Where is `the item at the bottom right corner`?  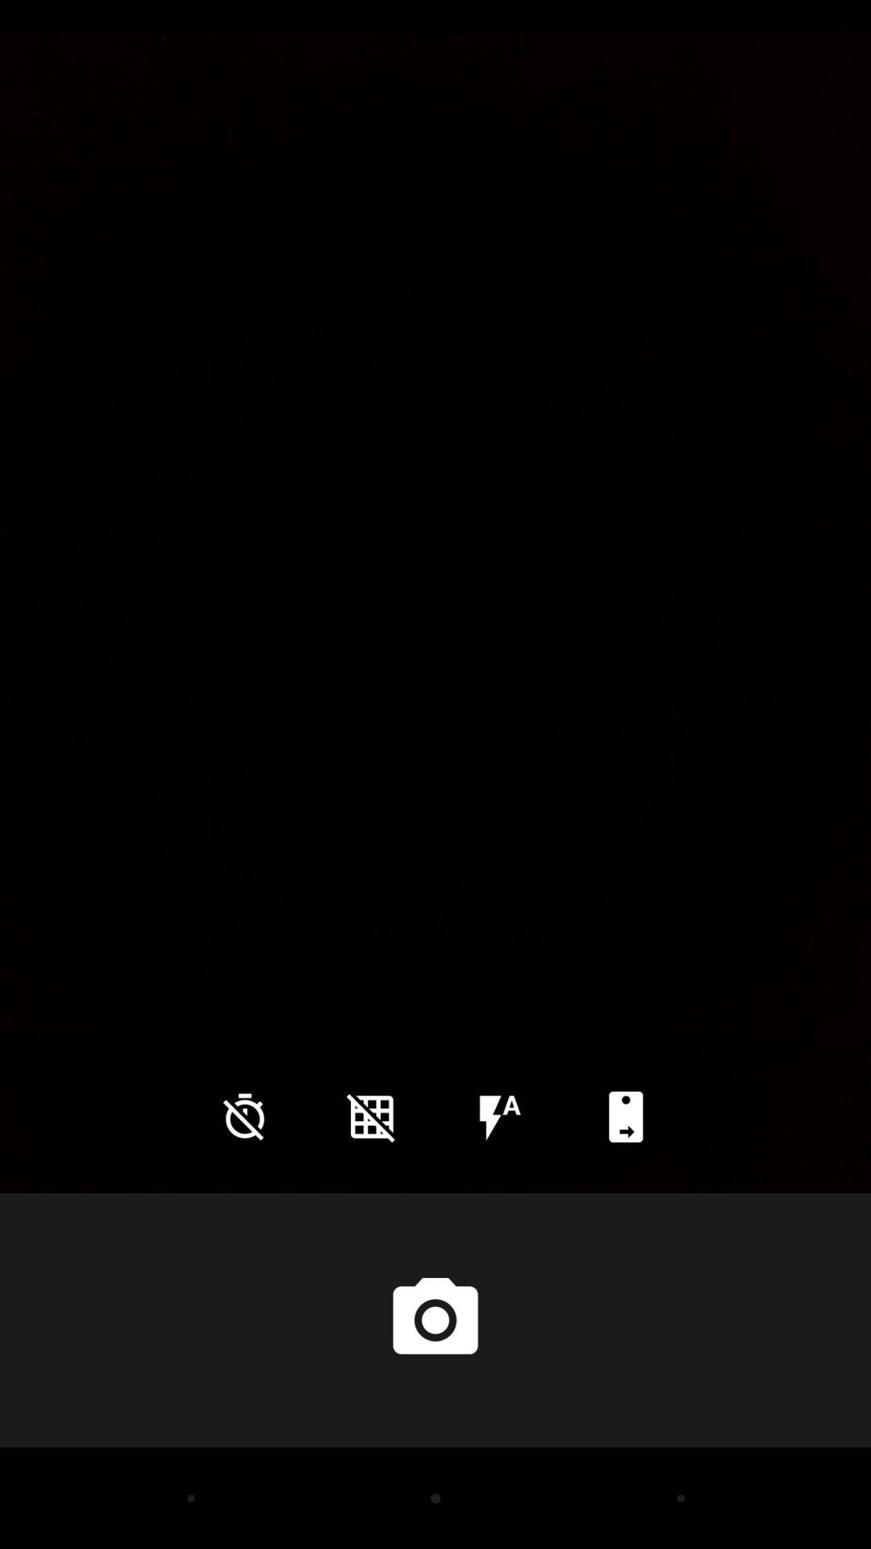
the item at the bottom right corner is located at coordinates (625, 1116).